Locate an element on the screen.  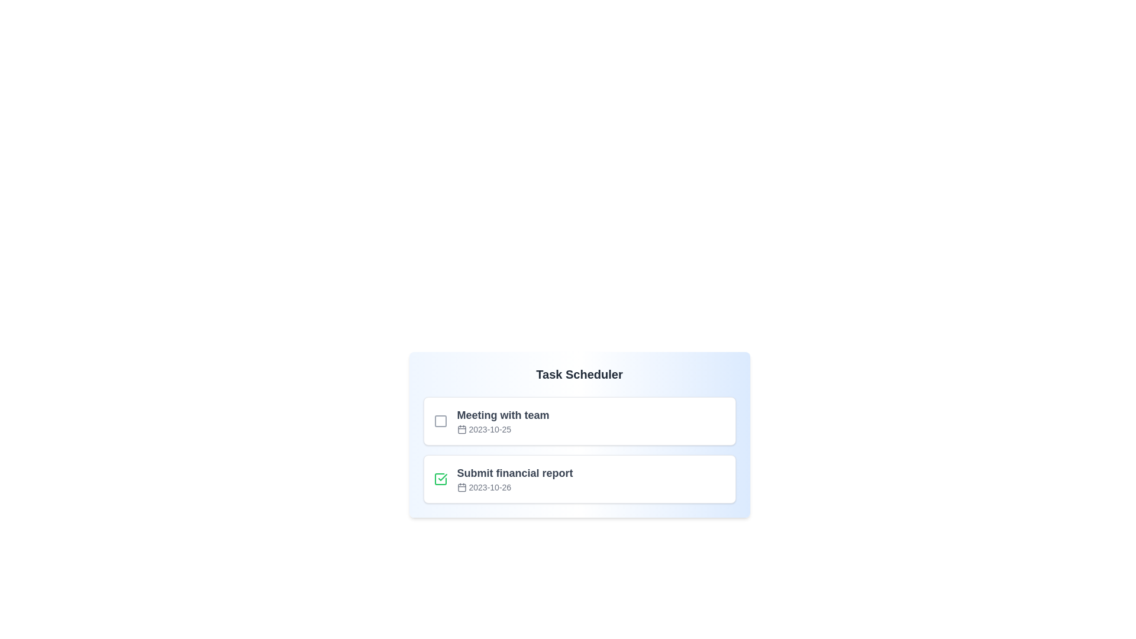
the checkbox located to the left of the task description for 'Submit financial report' is located at coordinates (440, 479).